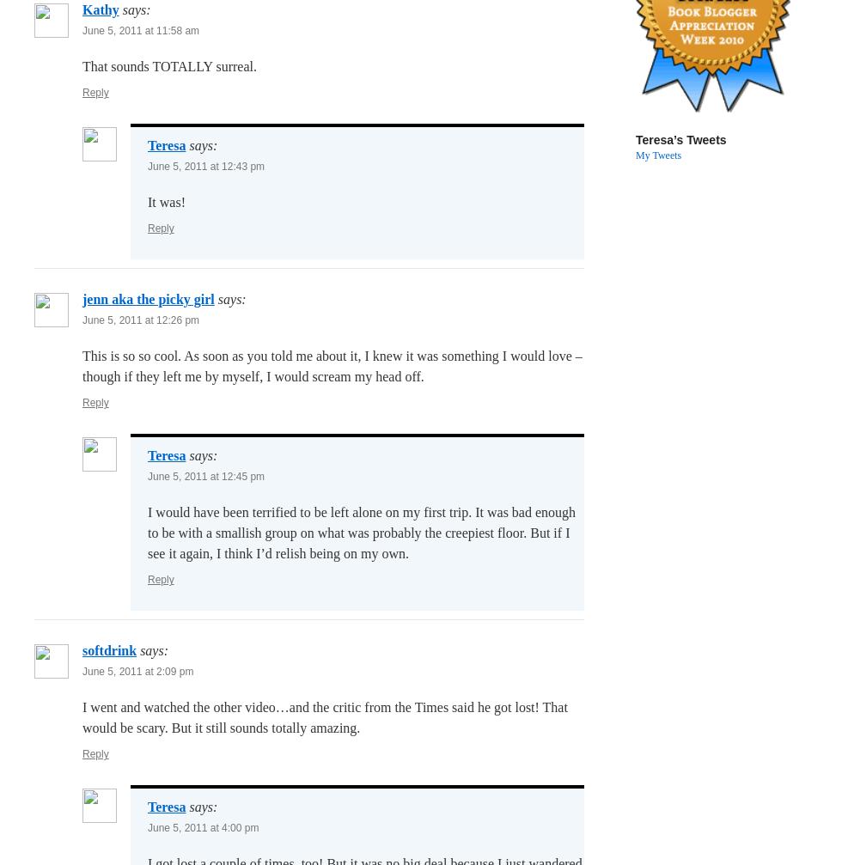  What do you see at coordinates (82, 30) in the screenshot?
I see `'June 5, 2011 at 11:58 am'` at bounding box center [82, 30].